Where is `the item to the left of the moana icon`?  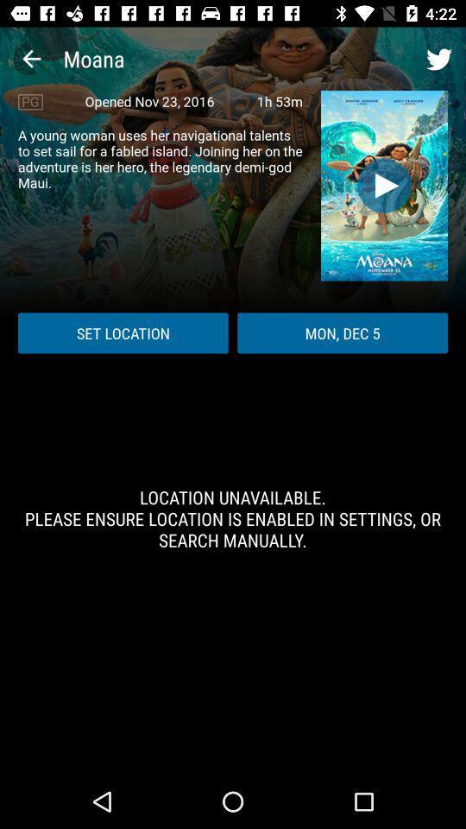 the item to the left of the moana icon is located at coordinates (31, 59).